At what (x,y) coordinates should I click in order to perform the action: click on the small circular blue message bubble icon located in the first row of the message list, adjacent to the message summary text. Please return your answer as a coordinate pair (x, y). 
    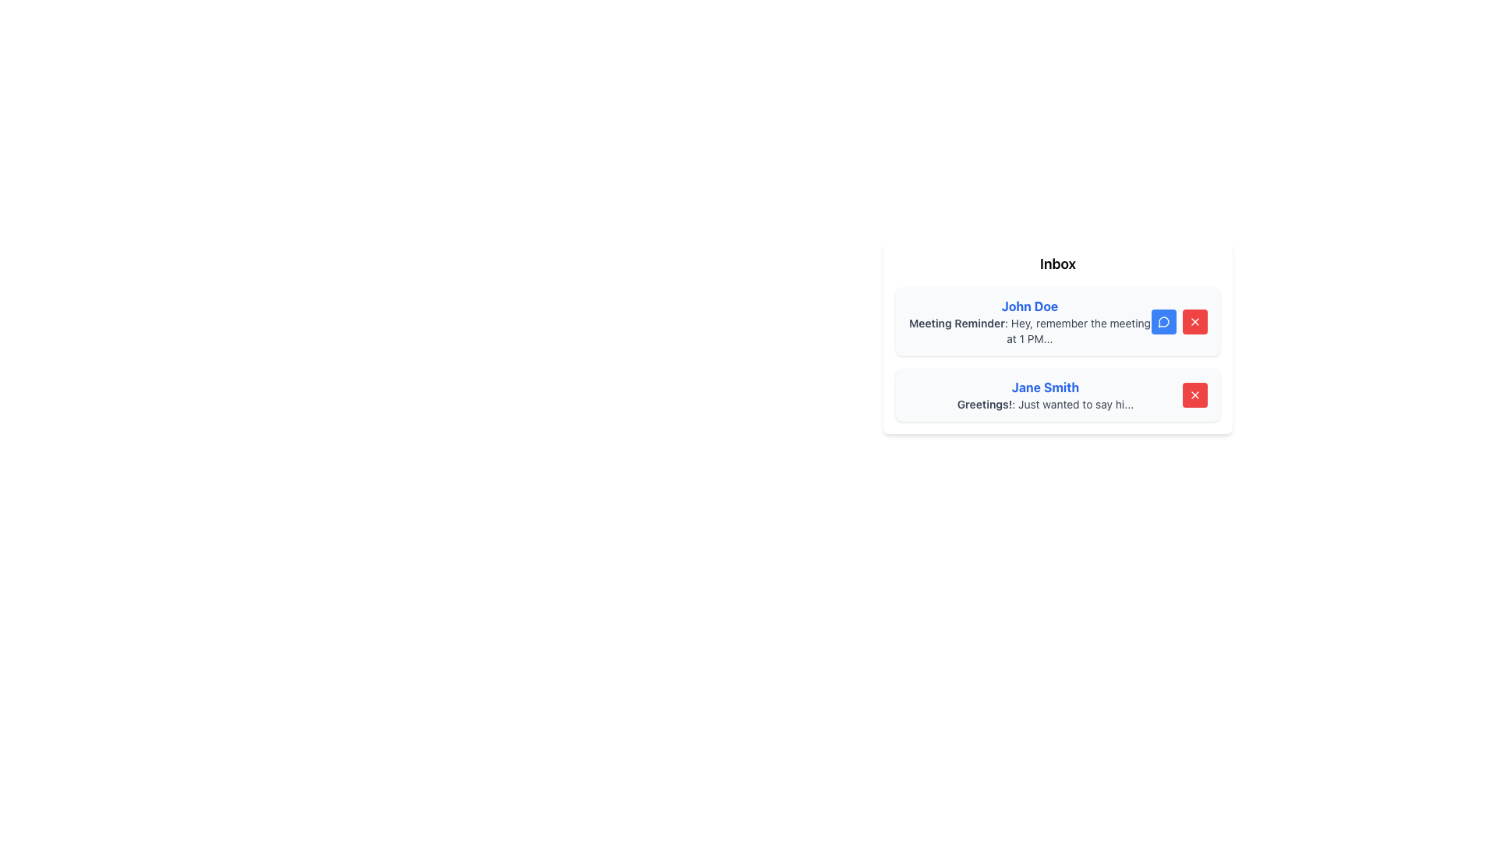
    Looking at the image, I should click on (1163, 320).